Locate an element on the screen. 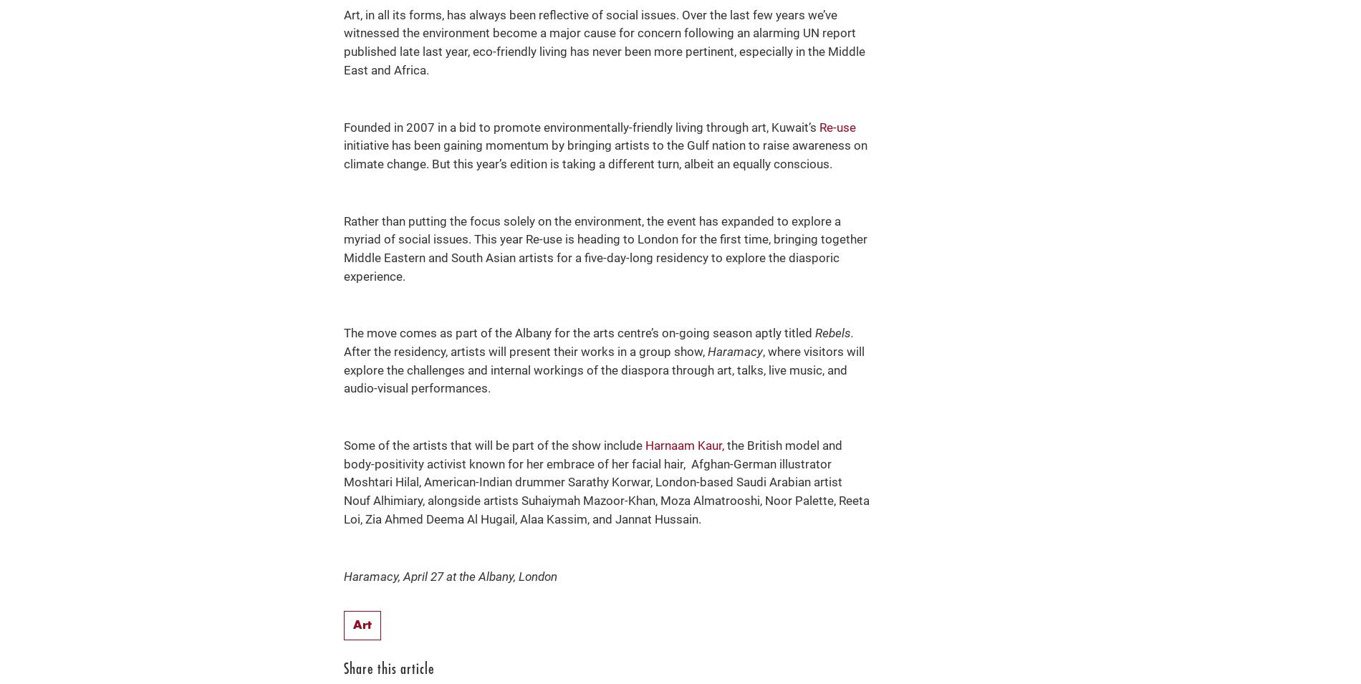  'Share this article' is located at coordinates (389, 669).